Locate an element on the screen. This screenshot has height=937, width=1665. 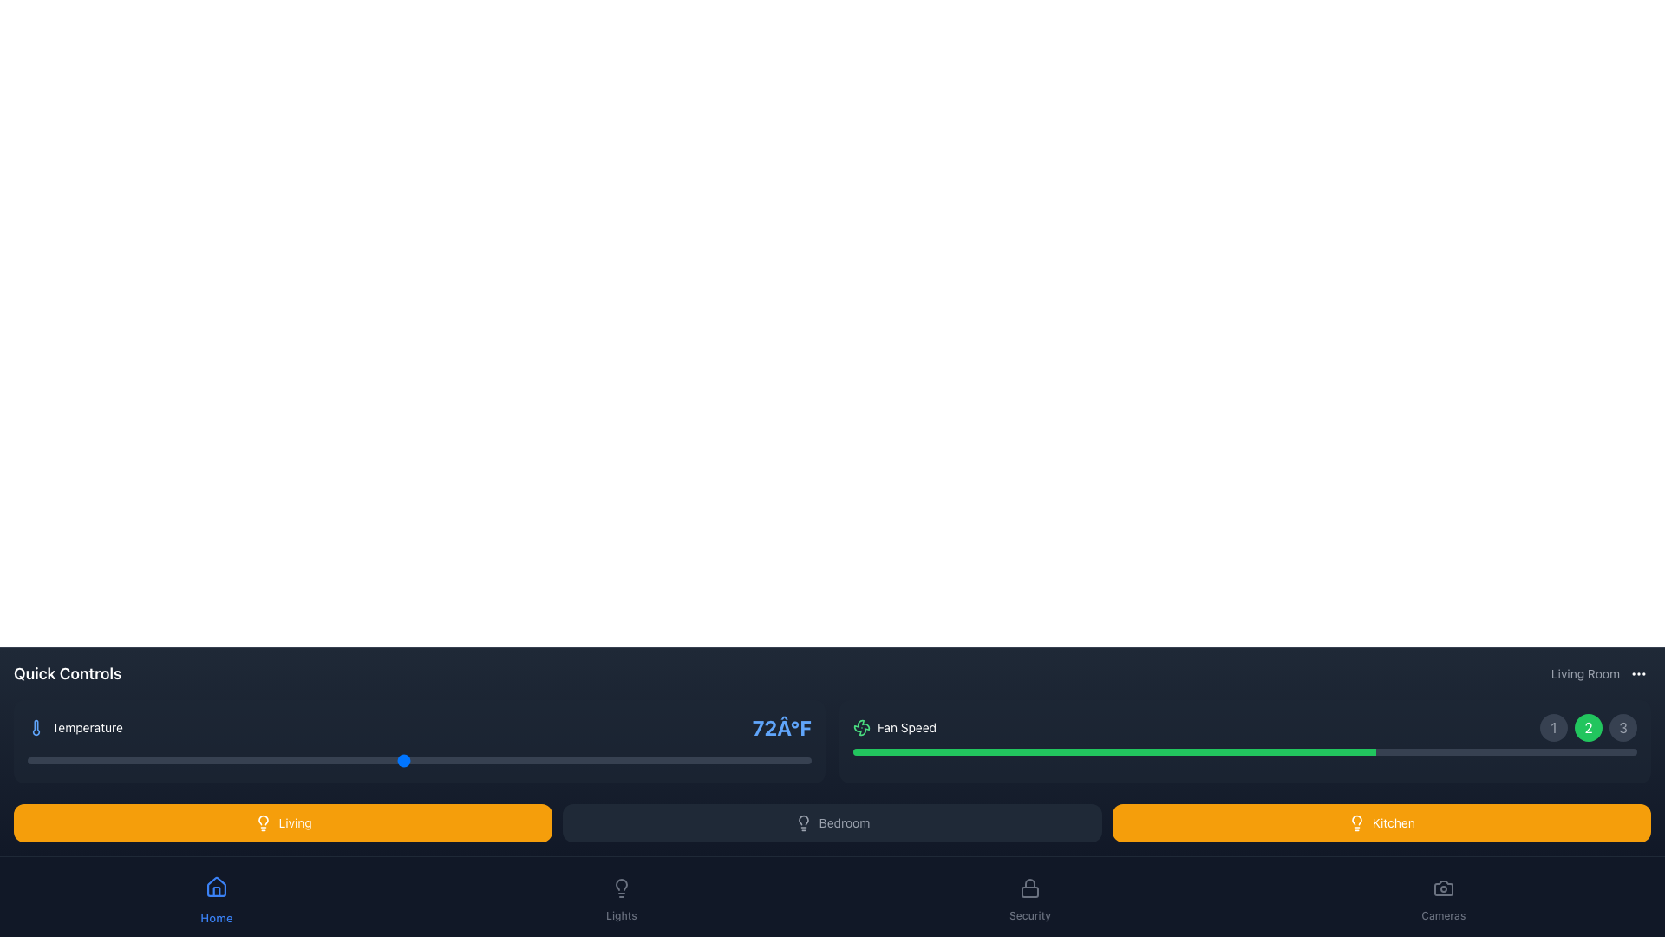
the descriptive label with a blue thermometer icon and the label 'Temperature' positioned above the temperature reading of '72°F' is located at coordinates (74, 728).